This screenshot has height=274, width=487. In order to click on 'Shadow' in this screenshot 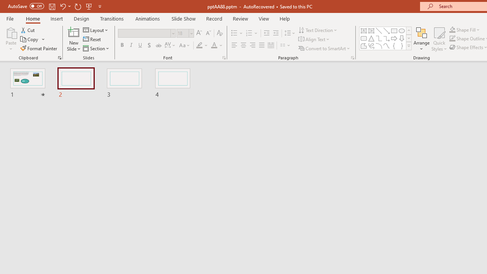, I will do `click(149, 45)`.